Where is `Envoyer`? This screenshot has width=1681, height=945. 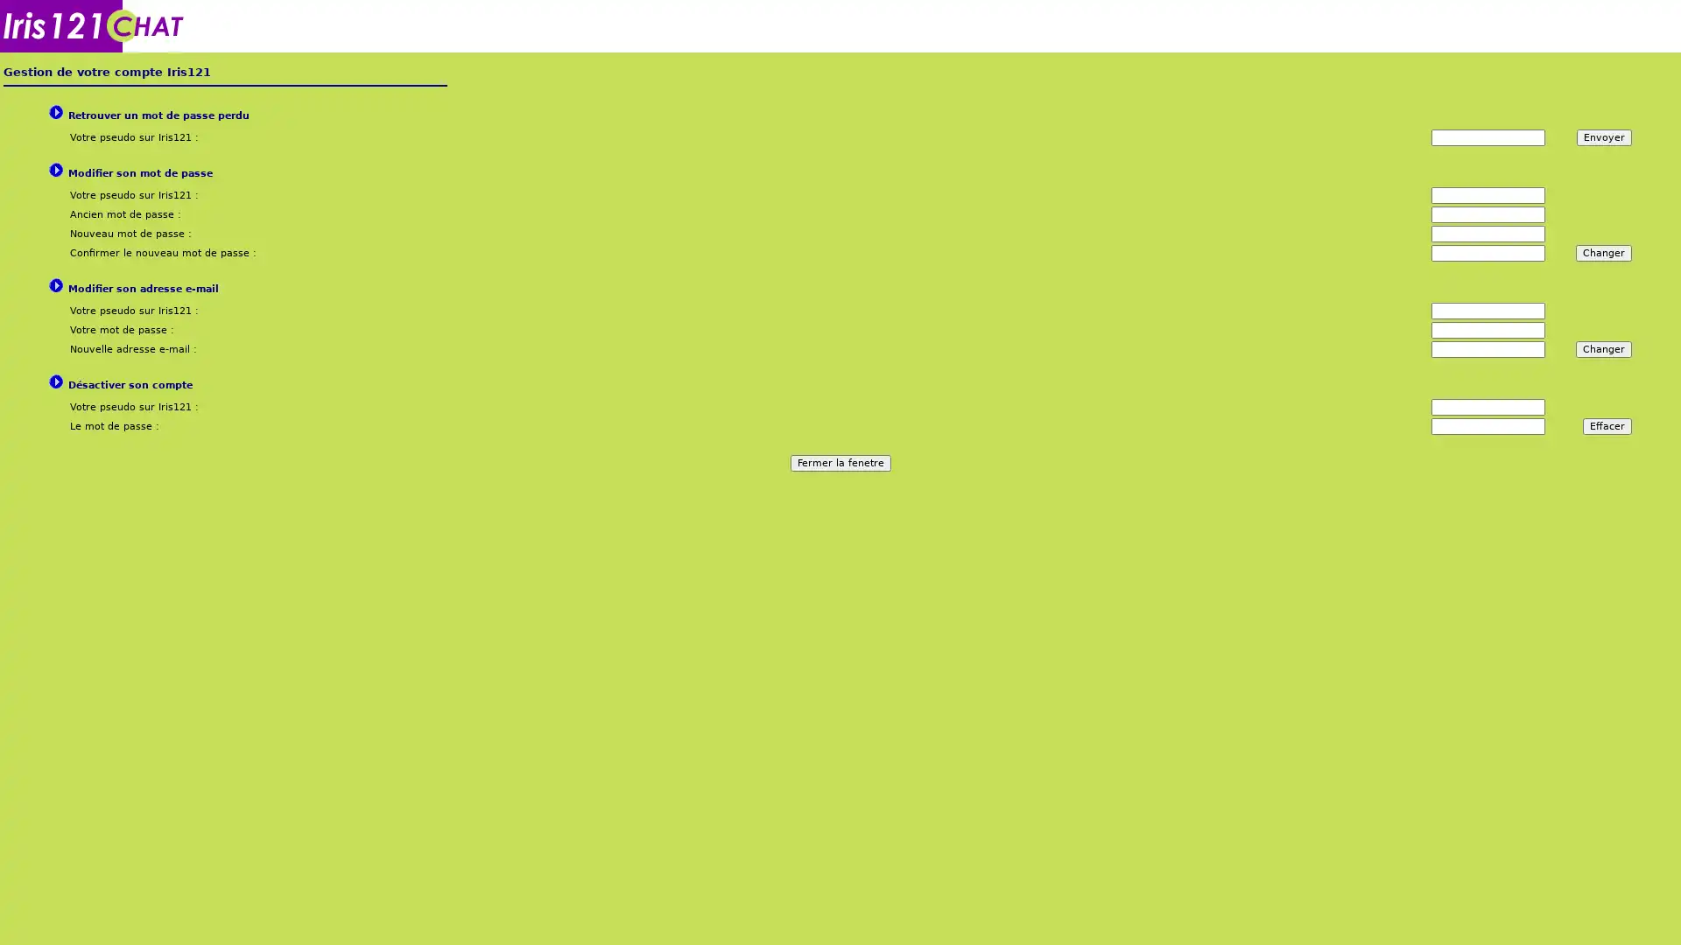
Envoyer is located at coordinates (1604, 136).